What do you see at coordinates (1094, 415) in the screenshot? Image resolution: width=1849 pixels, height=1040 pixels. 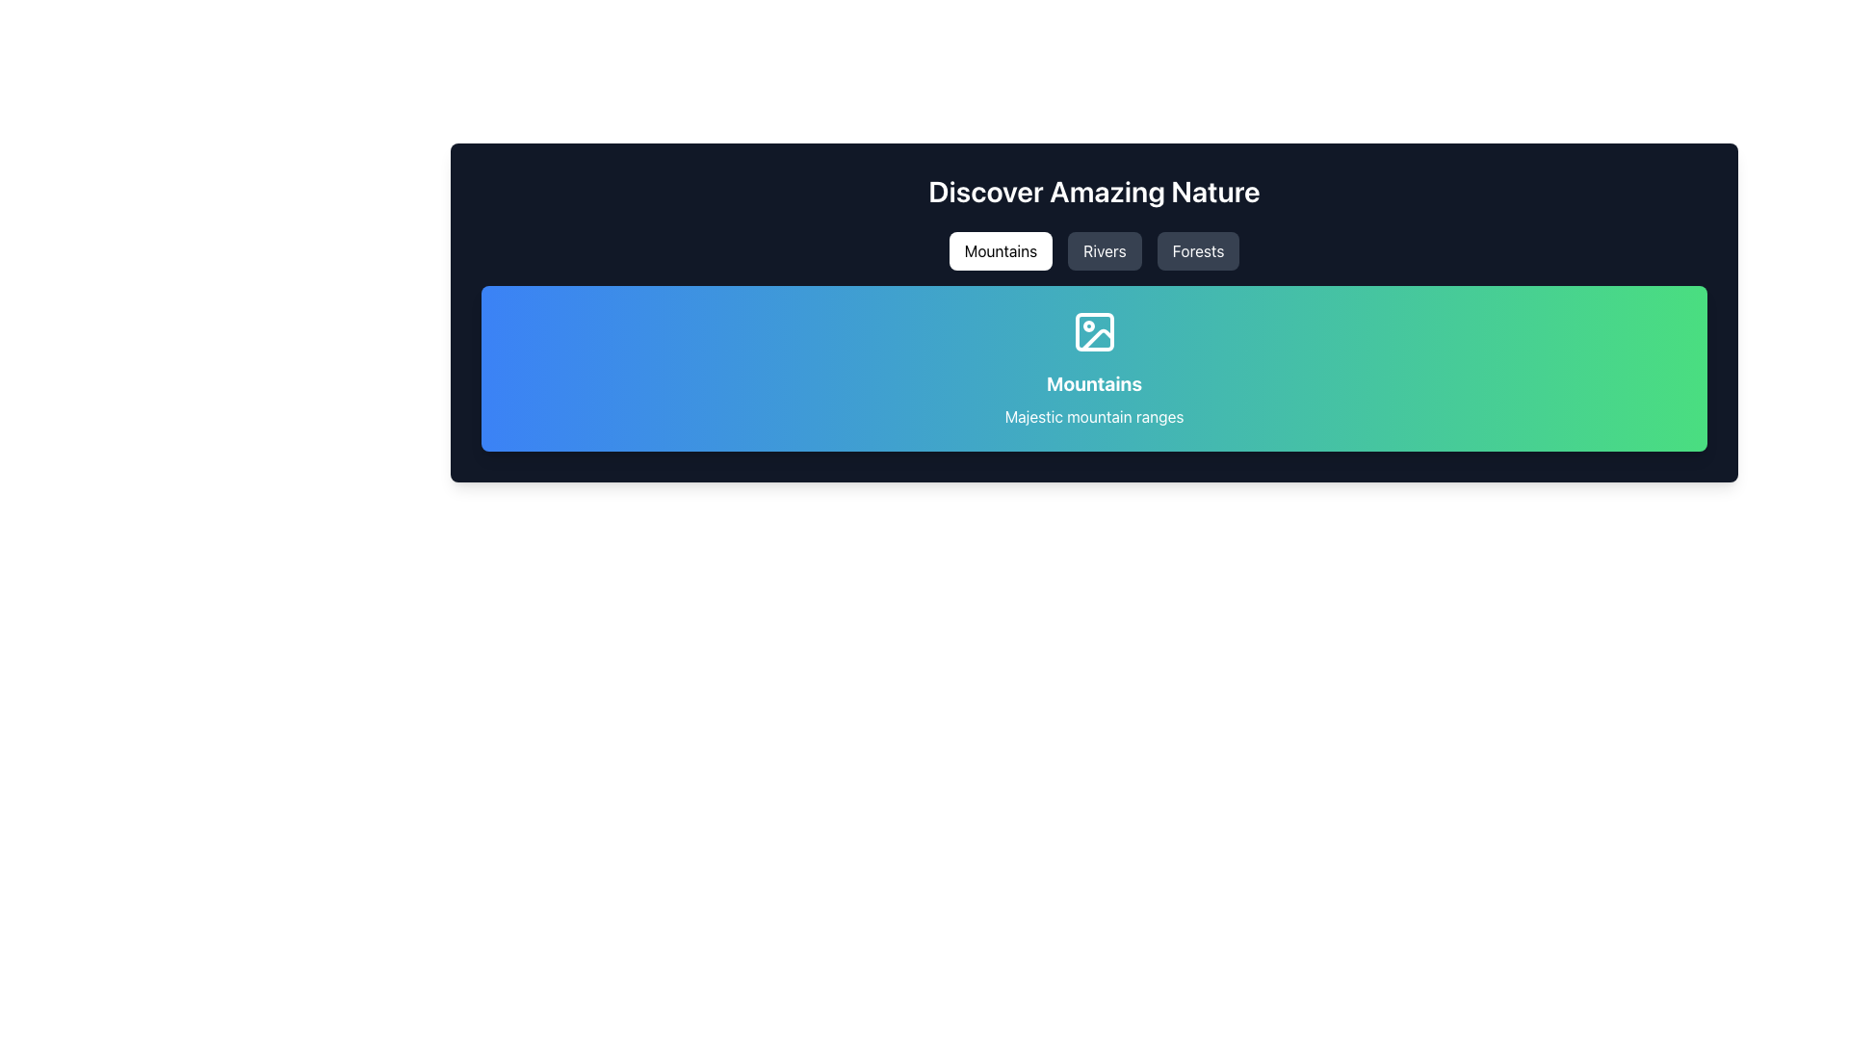 I see `the text element displaying 'Majestic mountain ranges', which is centrally aligned within a gradient-colored card and positioned at the bottom of the card beneath the title 'Mountains'` at bounding box center [1094, 415].